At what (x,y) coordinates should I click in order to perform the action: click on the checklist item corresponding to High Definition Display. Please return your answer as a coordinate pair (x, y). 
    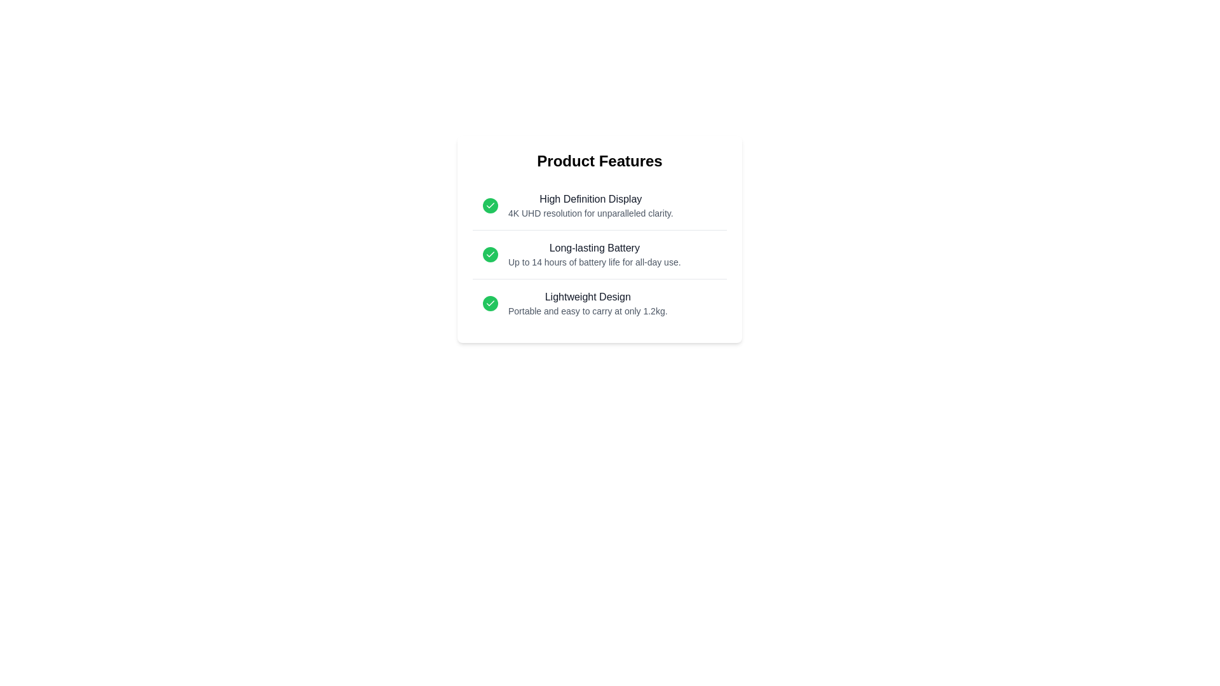
    Looking at the image, I should click on (599, 205).